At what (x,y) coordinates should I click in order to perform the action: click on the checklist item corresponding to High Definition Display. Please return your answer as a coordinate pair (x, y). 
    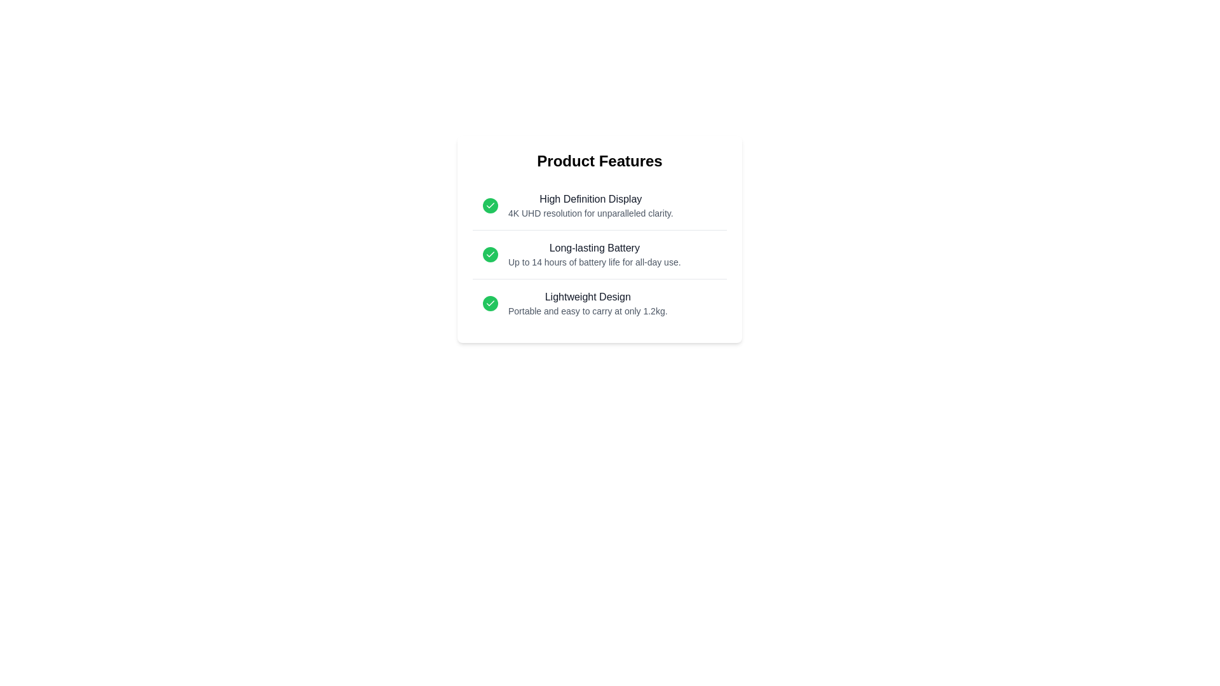
    Looking at the image, I should click on (599, 205).